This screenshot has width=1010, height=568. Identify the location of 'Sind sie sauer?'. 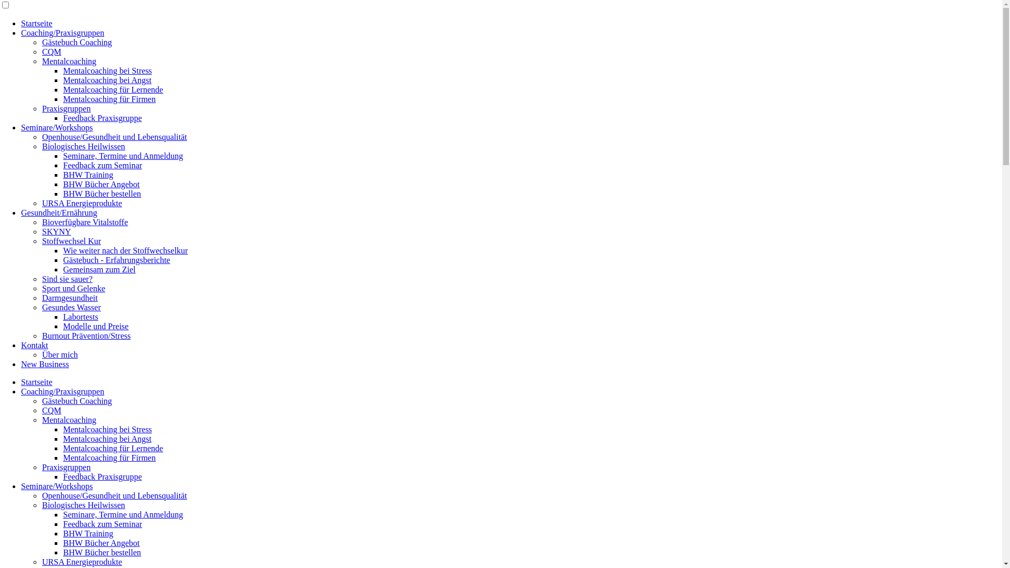
(67, 278).